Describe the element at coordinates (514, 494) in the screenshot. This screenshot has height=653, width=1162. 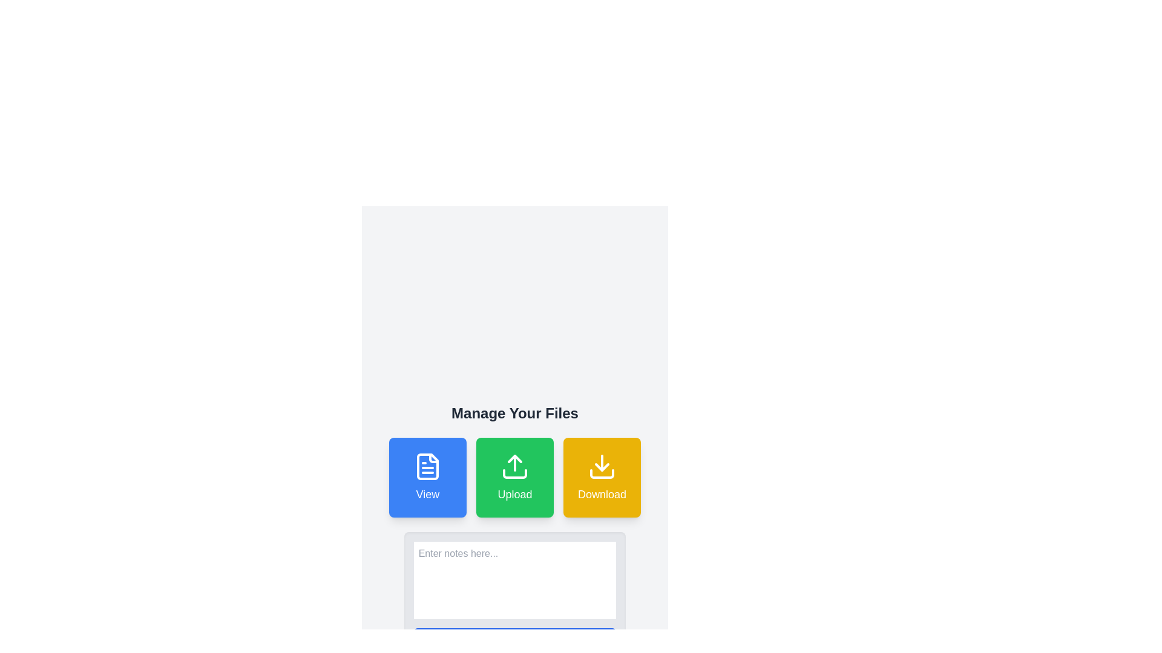
I see `the text label that describes the functionality of the 'Upload' button, located in the center of the green button` at that location.